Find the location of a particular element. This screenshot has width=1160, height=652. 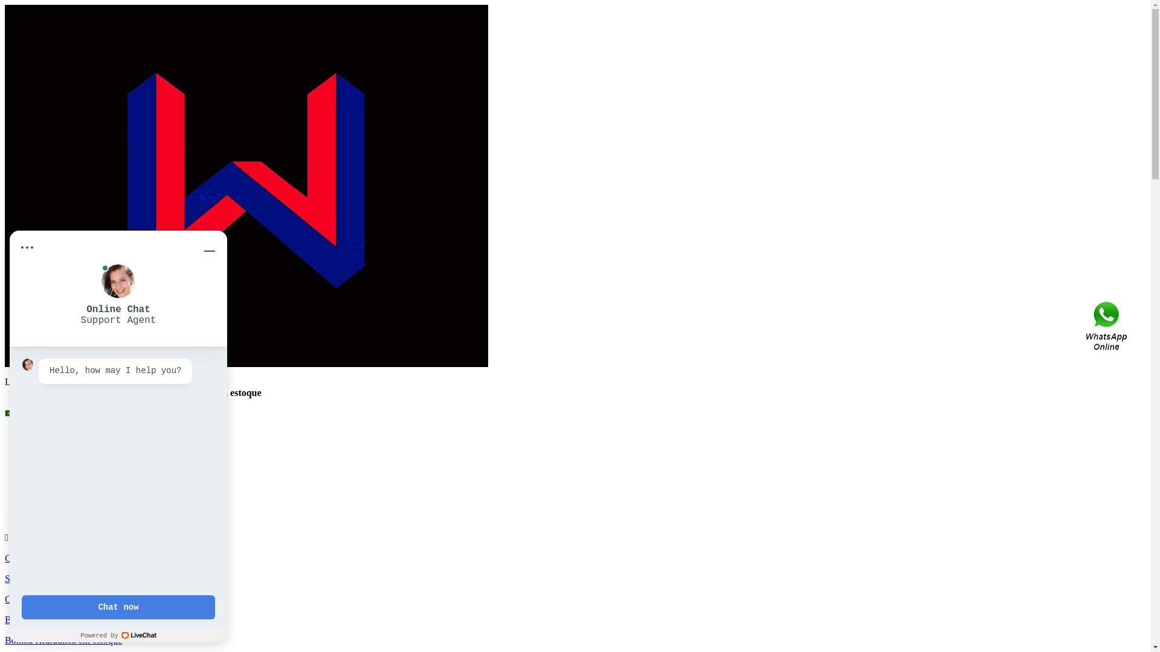

'Stock Categories' is located at coordinates (61, 444).